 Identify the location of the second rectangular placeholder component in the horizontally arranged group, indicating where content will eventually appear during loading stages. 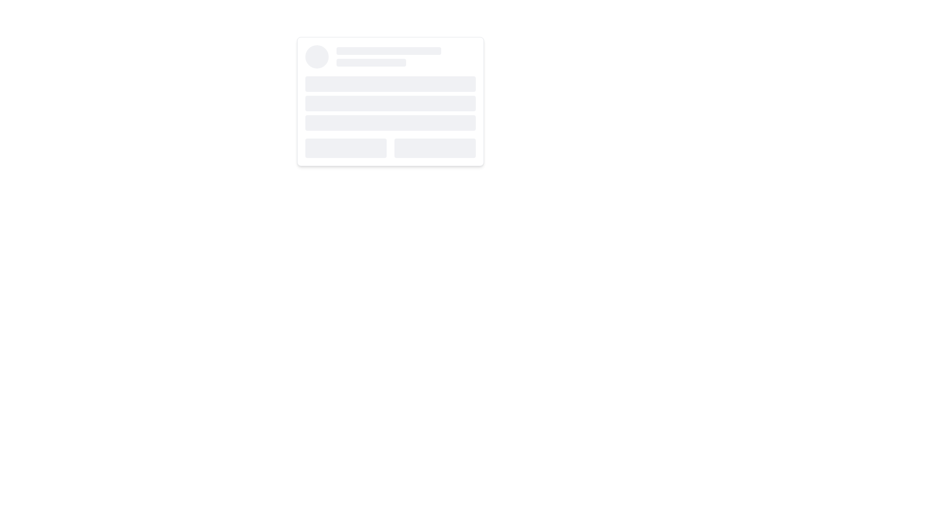
(434, 148).